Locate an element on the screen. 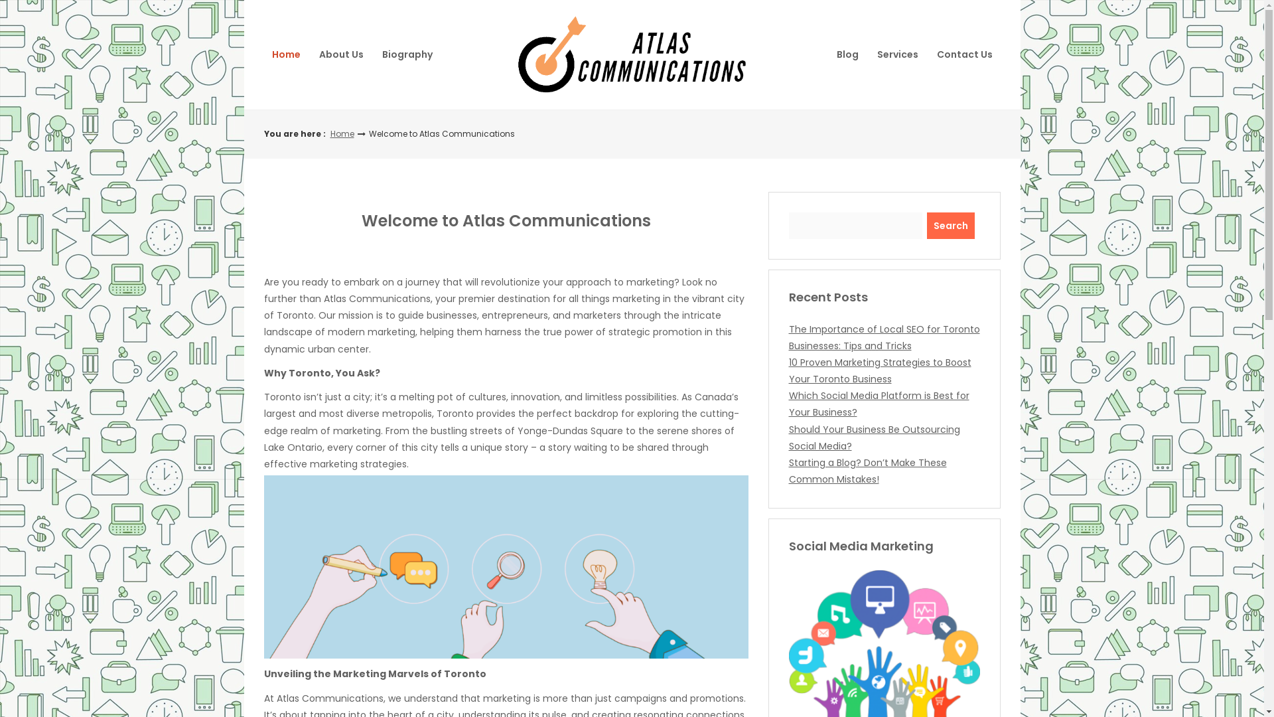  'Which Social Media Platform is Best for Your Business?' is located at coordinates (879, 403).